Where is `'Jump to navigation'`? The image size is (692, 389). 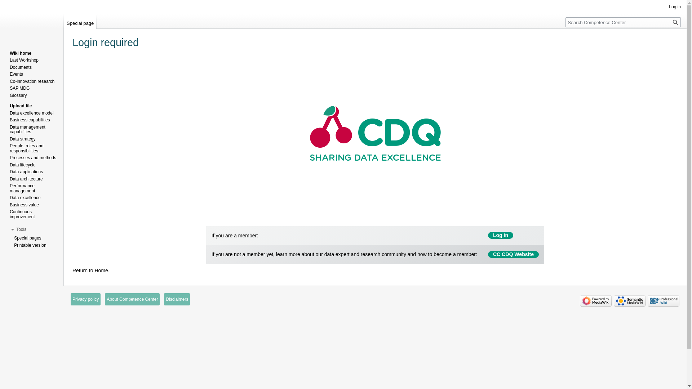
'Jump to navigation' is located at coordinates (72, 60).